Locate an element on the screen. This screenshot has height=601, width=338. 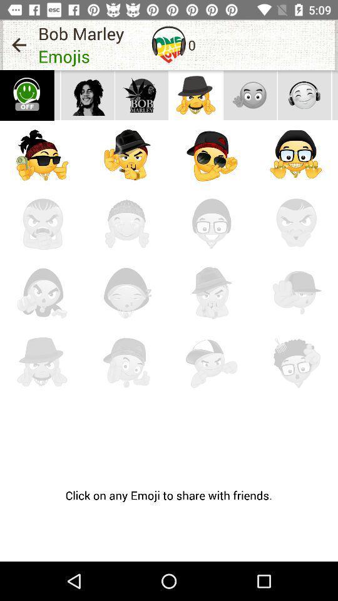
the icon to the right of the bob marley icon is located at coordinates (169, 44).